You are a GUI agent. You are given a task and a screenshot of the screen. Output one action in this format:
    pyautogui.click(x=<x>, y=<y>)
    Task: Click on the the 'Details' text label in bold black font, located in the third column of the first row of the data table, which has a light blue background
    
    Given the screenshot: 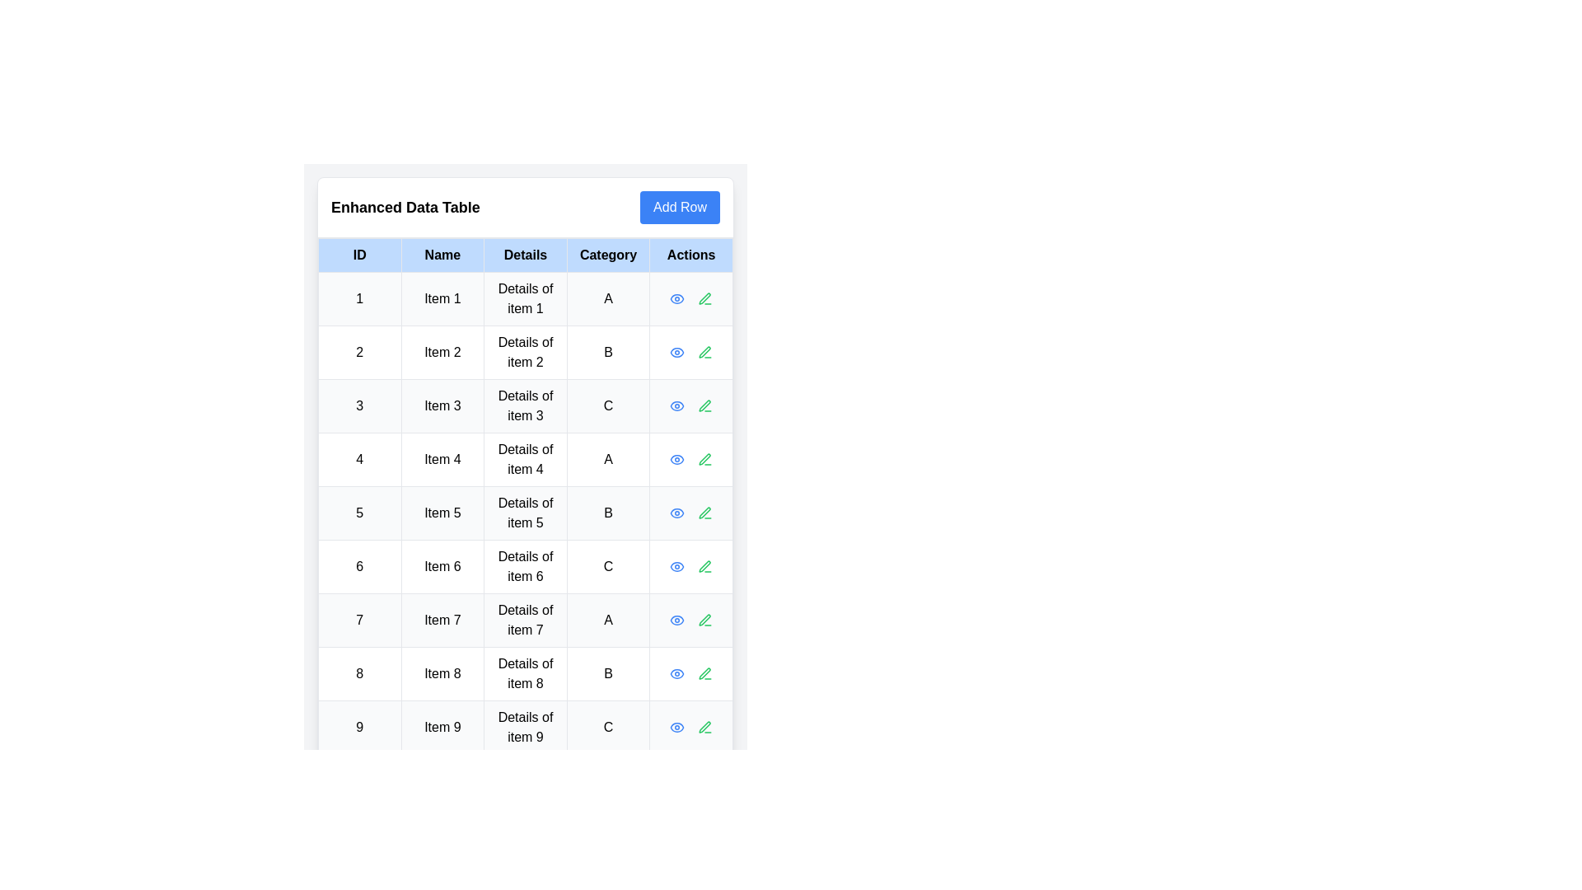 What is the action you would take?
    pyautogui.click(x=525, y=255)
    